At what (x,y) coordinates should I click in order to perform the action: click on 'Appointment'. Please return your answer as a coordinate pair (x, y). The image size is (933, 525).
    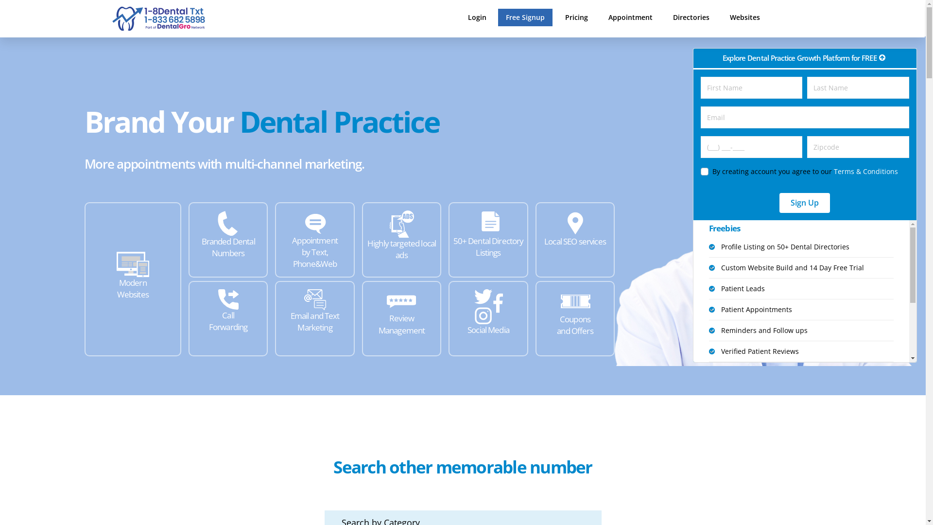
    Looking at the image, I should click on (600, 17).